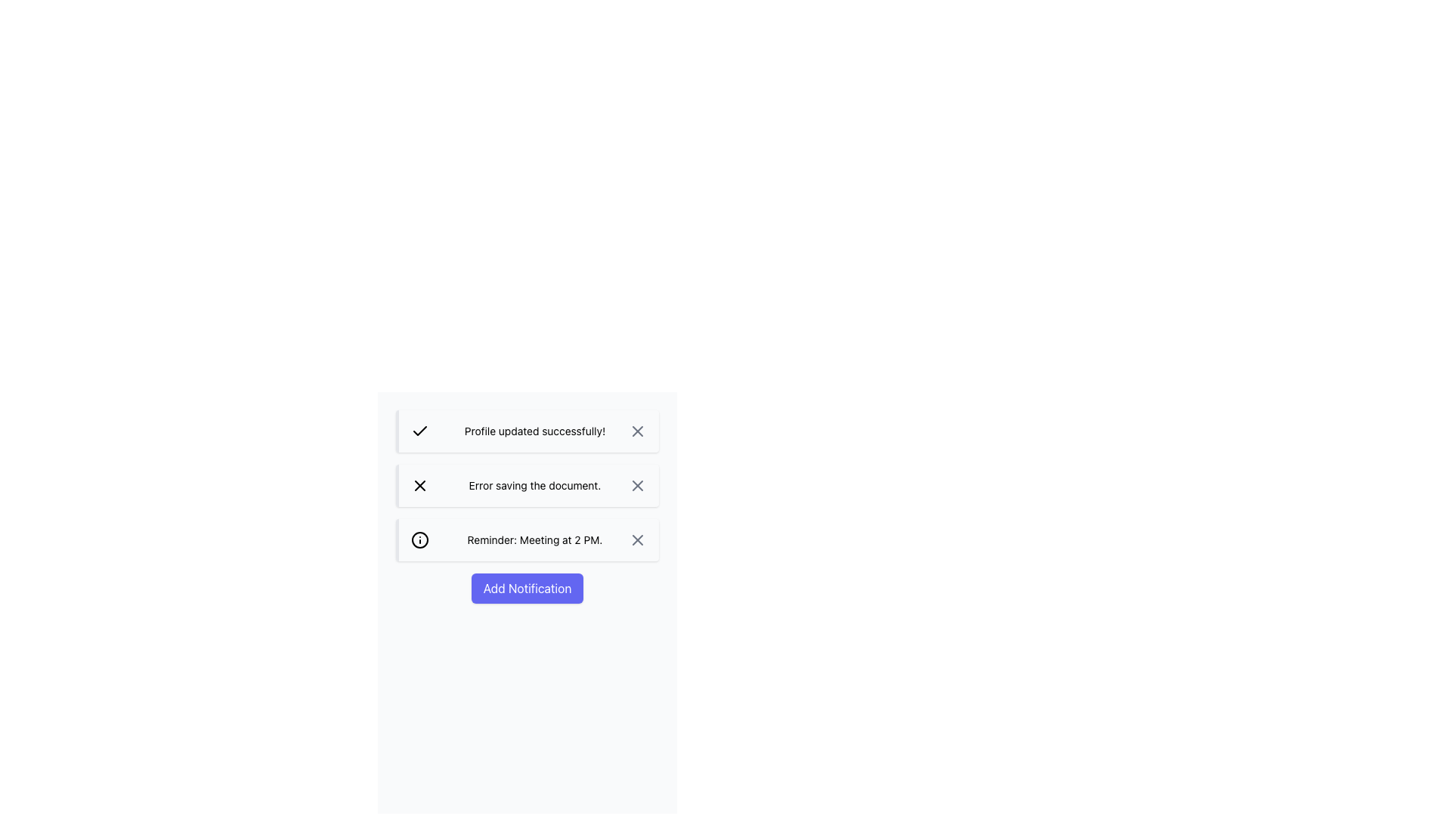 This screenshot has width=1451, height=816. What do you see at coordinates (638, 539) in the screenshot?
I see `the close button icon on the far-right of the notification box` at bounding box center [638, 539].